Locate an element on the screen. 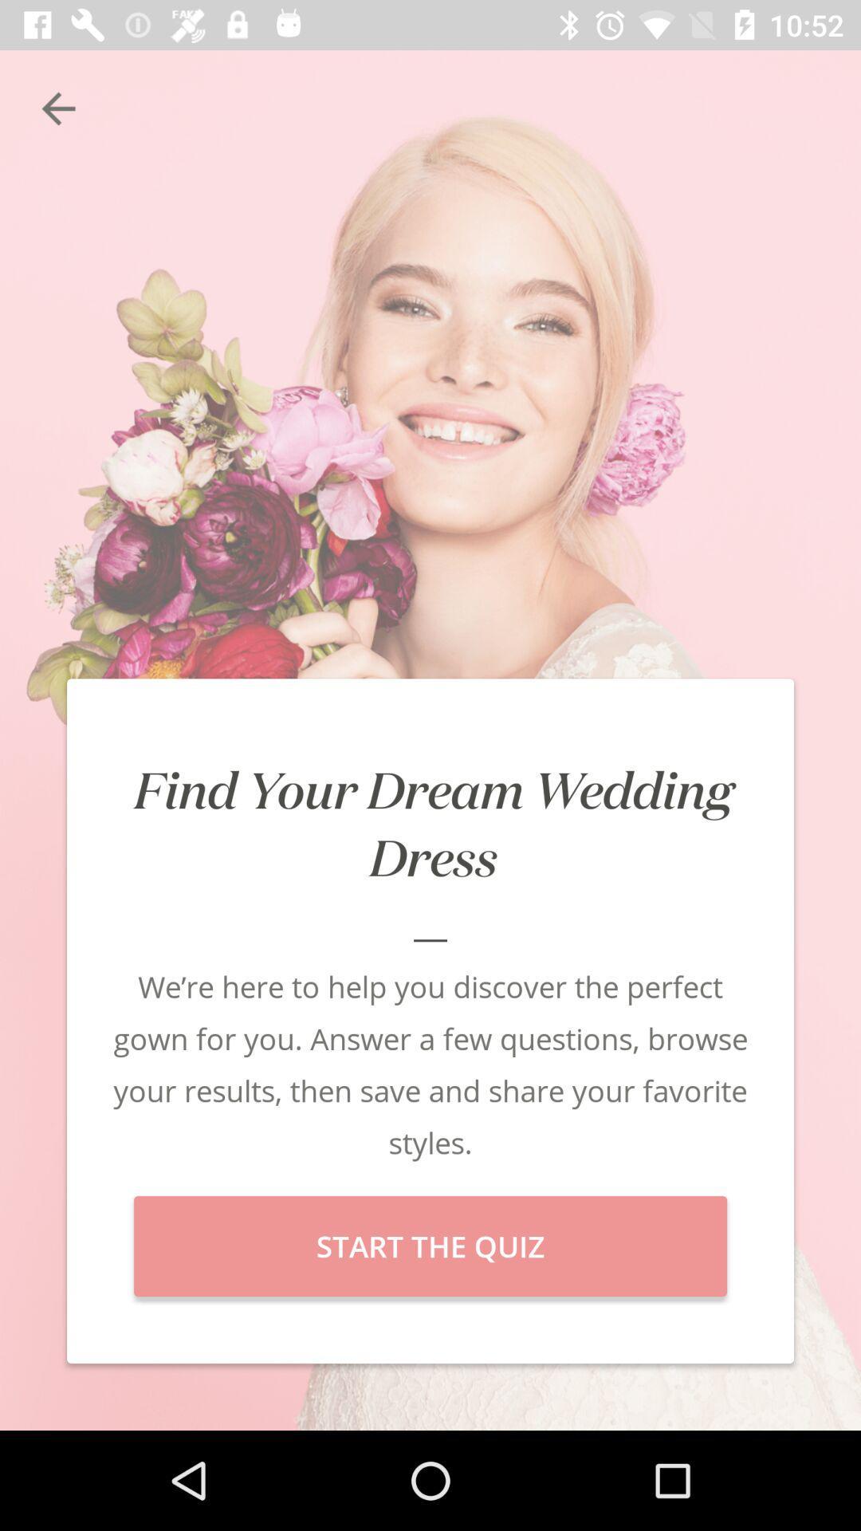  go back is located at coordinates (57, 108).